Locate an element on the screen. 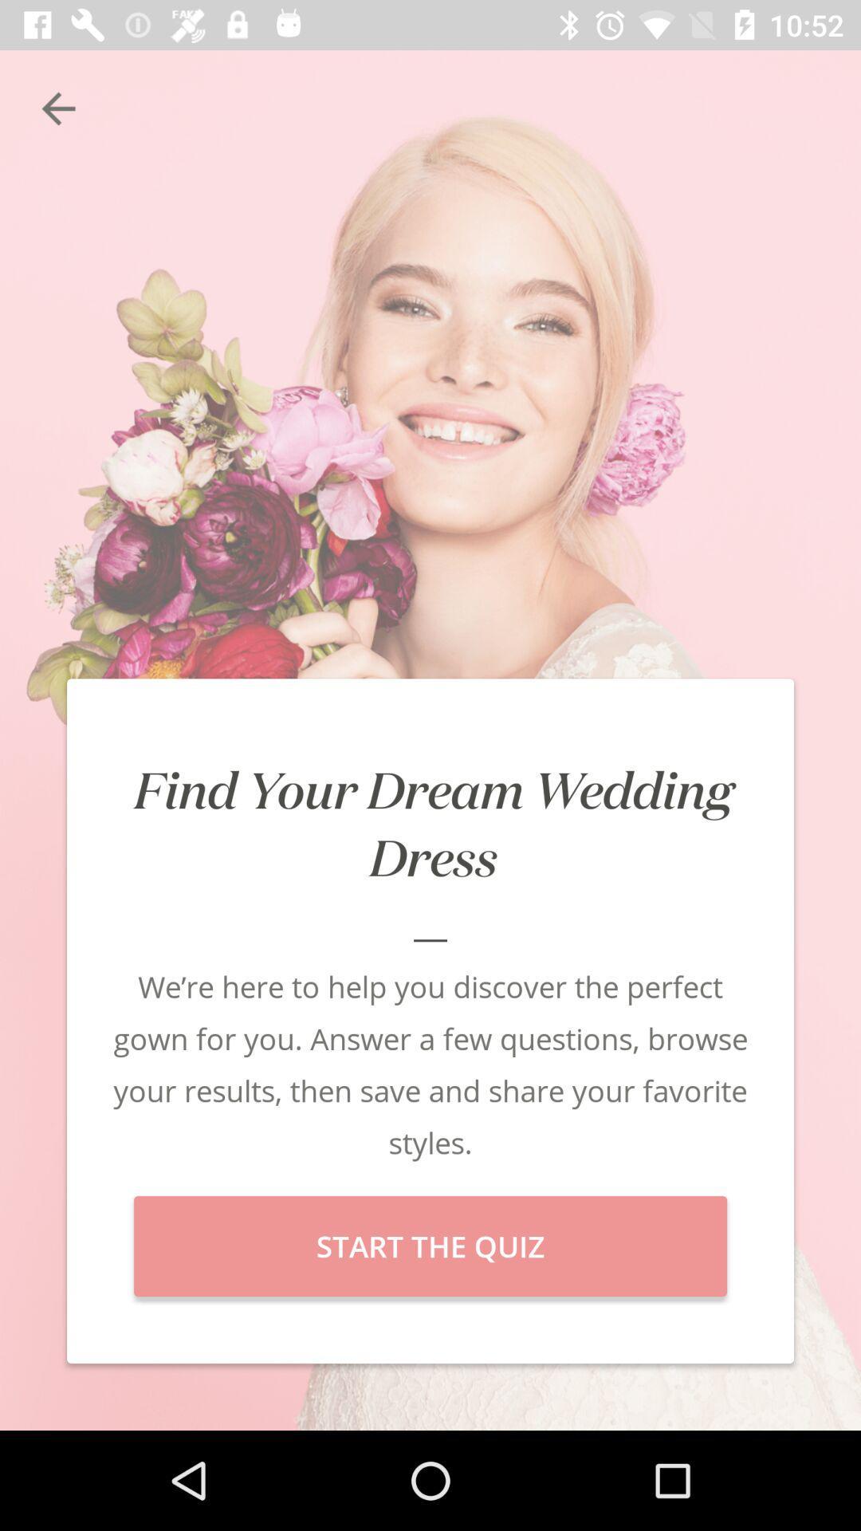  go back is located at coordinates (57, 108).